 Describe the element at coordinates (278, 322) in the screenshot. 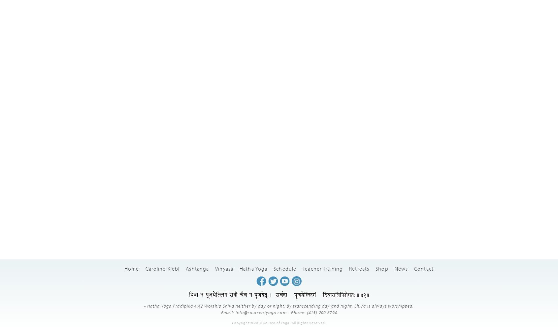

I see `'Copyright © 2018 Source of Yoga. All Rights Reserved.'` at that location.